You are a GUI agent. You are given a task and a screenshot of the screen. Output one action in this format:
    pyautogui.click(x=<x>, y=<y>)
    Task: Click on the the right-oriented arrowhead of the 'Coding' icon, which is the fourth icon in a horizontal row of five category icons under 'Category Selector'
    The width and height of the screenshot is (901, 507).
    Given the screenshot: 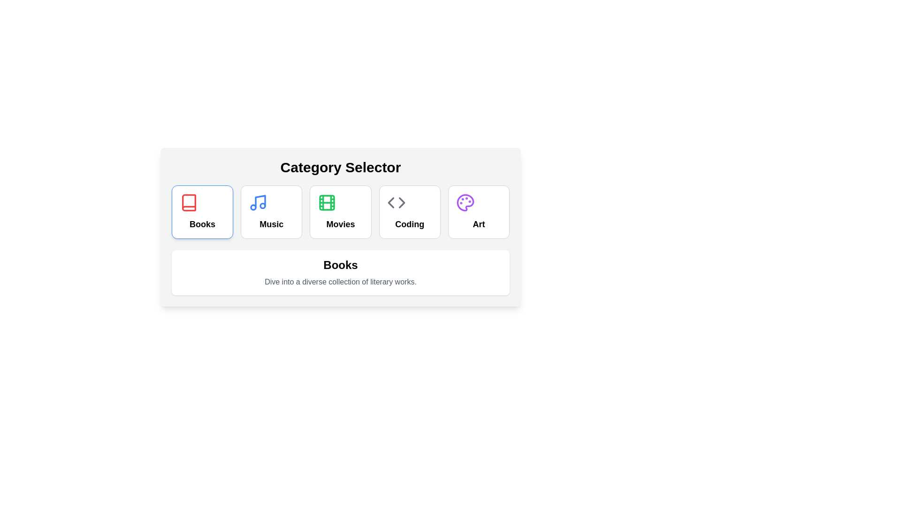 What is the action you would take?
    pyautogui.click(x=402, y=202)
    